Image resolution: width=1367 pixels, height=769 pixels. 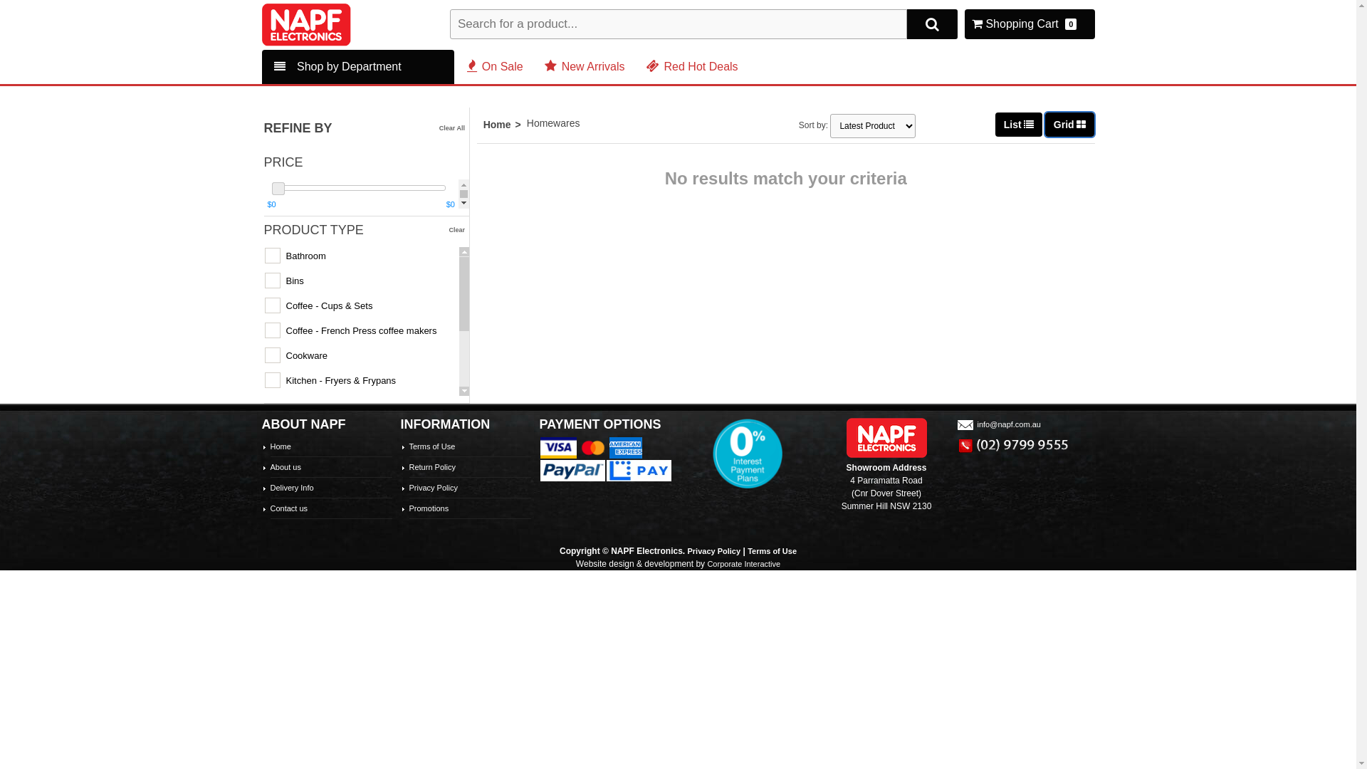 What do you see at coordinates (431, 466) in the screenshot?
I see `'Return Policy'` at bounding box center [431, 466].